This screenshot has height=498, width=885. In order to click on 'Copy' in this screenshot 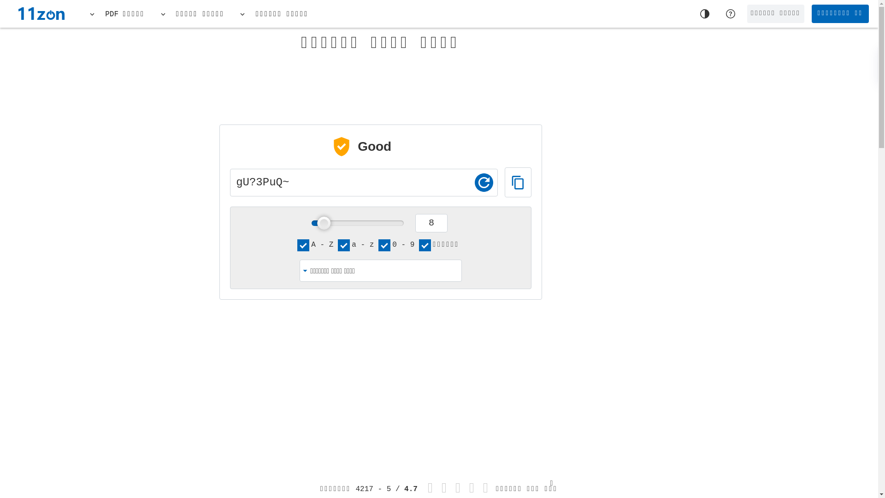, I will do `click(518, 182)`.